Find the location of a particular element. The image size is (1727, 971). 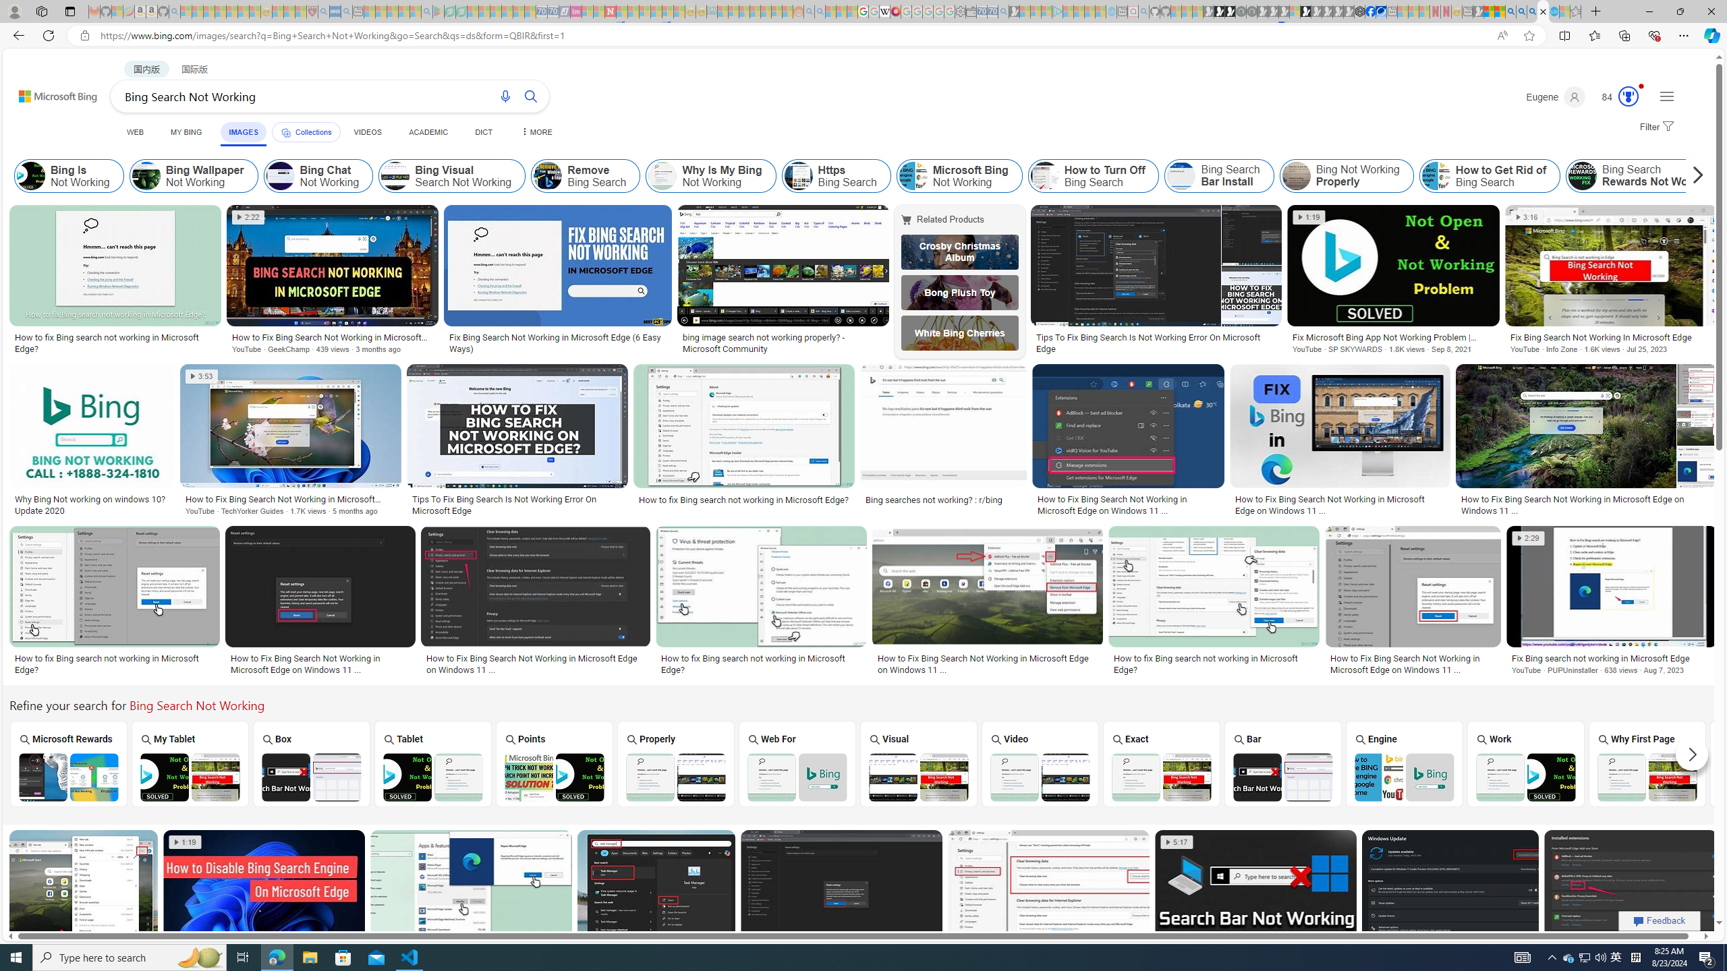

'Bing Chat Not Working' is located at coordinates (280, 175).